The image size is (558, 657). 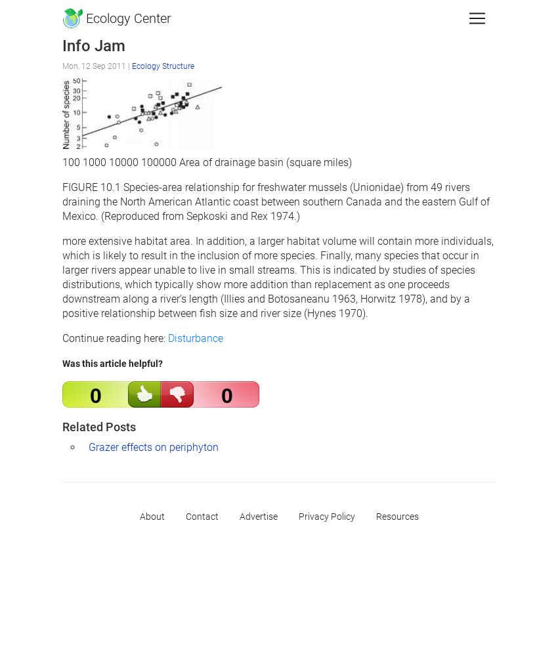 What do you see at coordinates (126, 18) in the screenshot?
I see `'Ecology Center'` at bounding box center [126, 18].